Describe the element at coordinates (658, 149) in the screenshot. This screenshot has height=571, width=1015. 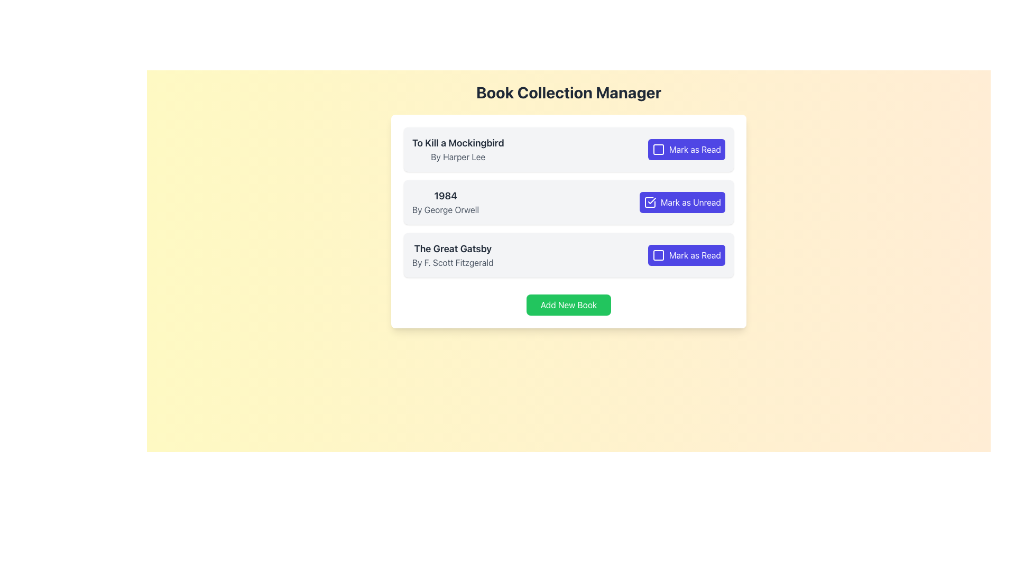
I see `the blue outlined square icon inside the 'Mark as Read' button for 'To Kill a Mockingbird'` at that location.